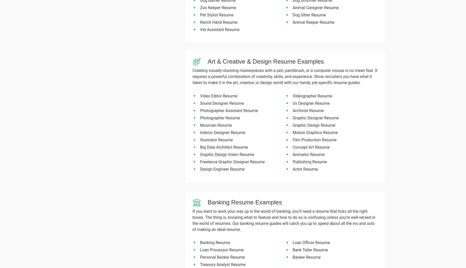  I want to click on 'Vet Assistant Resume', so click(200, 29).